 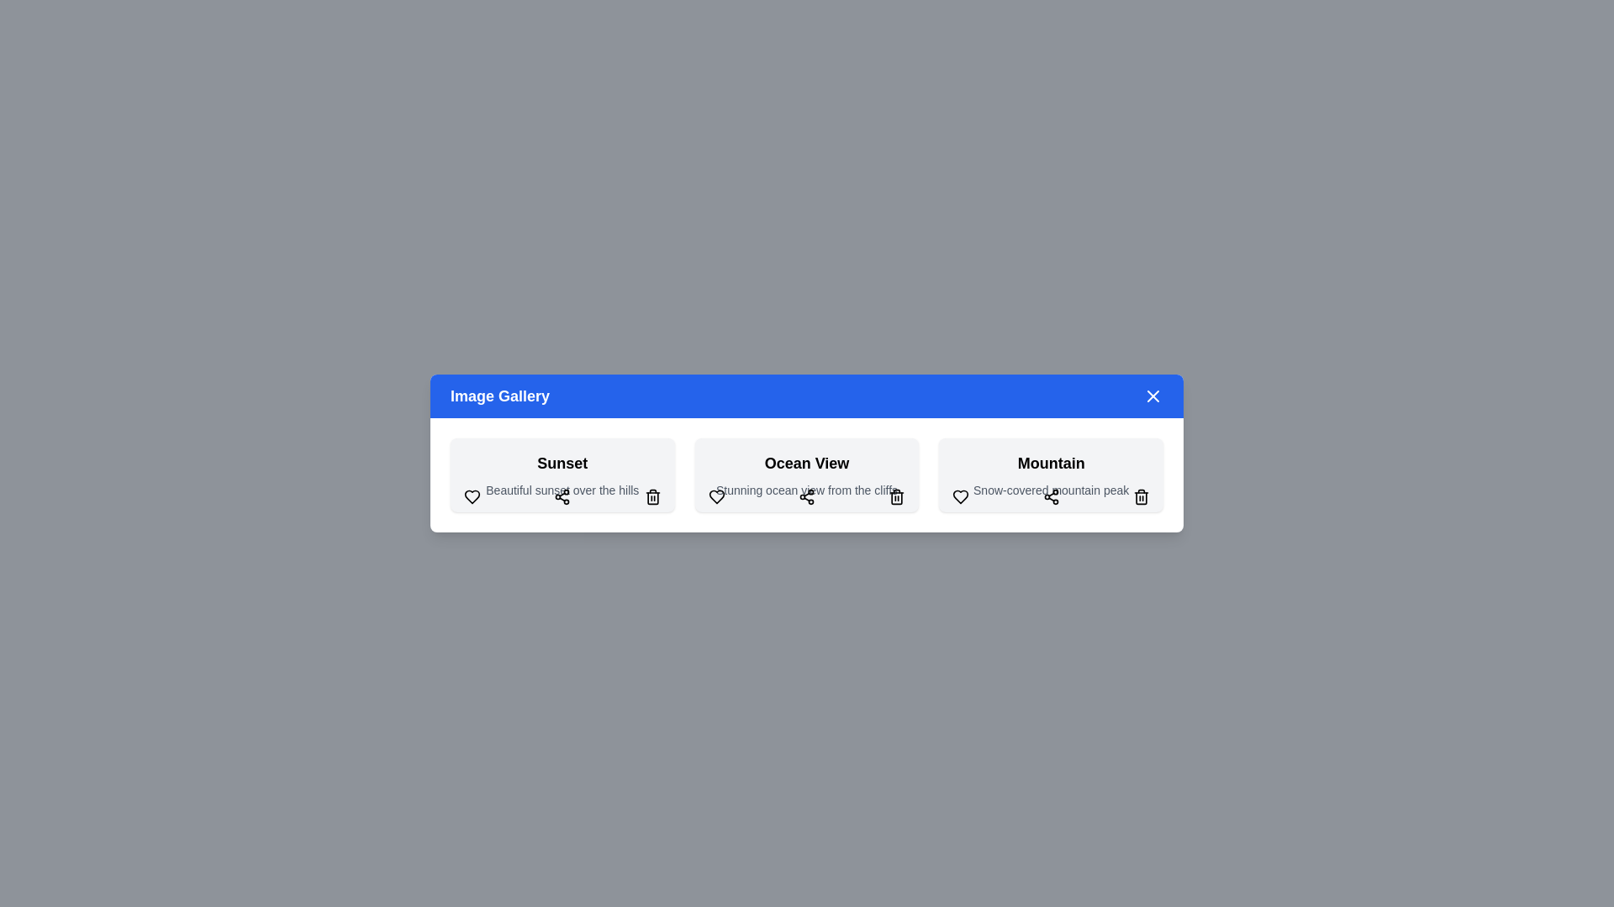 I want to click on the trash button for the image titled Sunset, so click(x=651, y=495).